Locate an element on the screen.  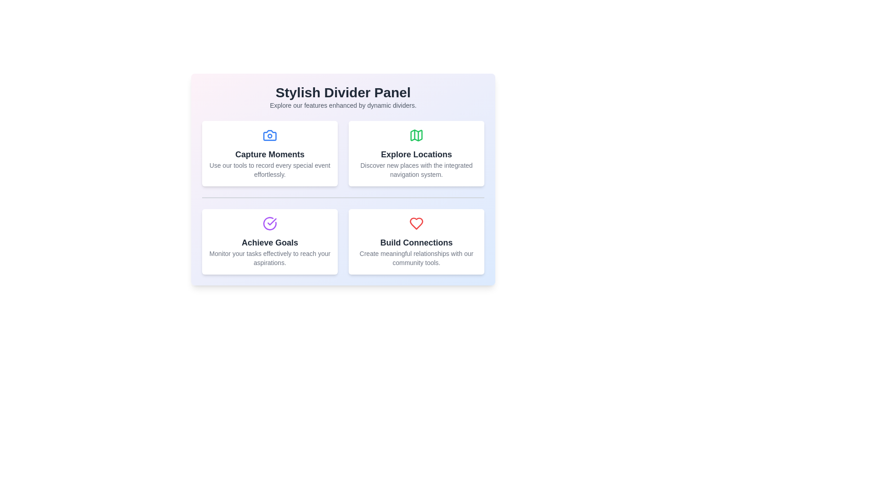
the visual divider element located centrally between the top and bottom rows of informational cards in the grid is located at coordinates (342, 197).